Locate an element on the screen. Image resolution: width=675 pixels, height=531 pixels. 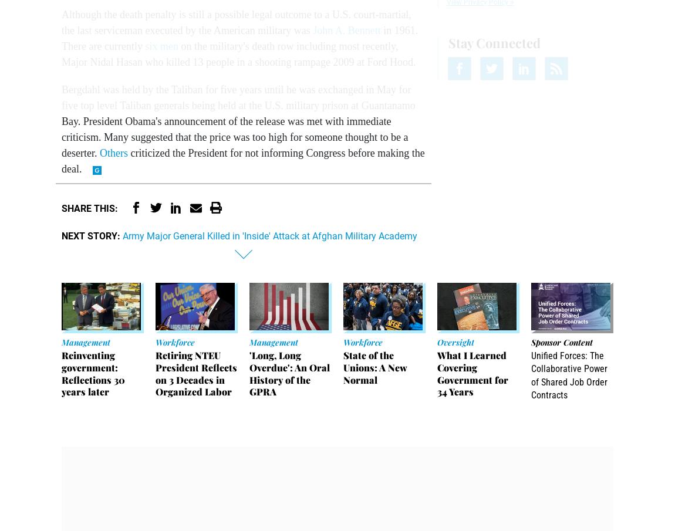
'NEXT STORY:' is located at coordinates (90, 235).